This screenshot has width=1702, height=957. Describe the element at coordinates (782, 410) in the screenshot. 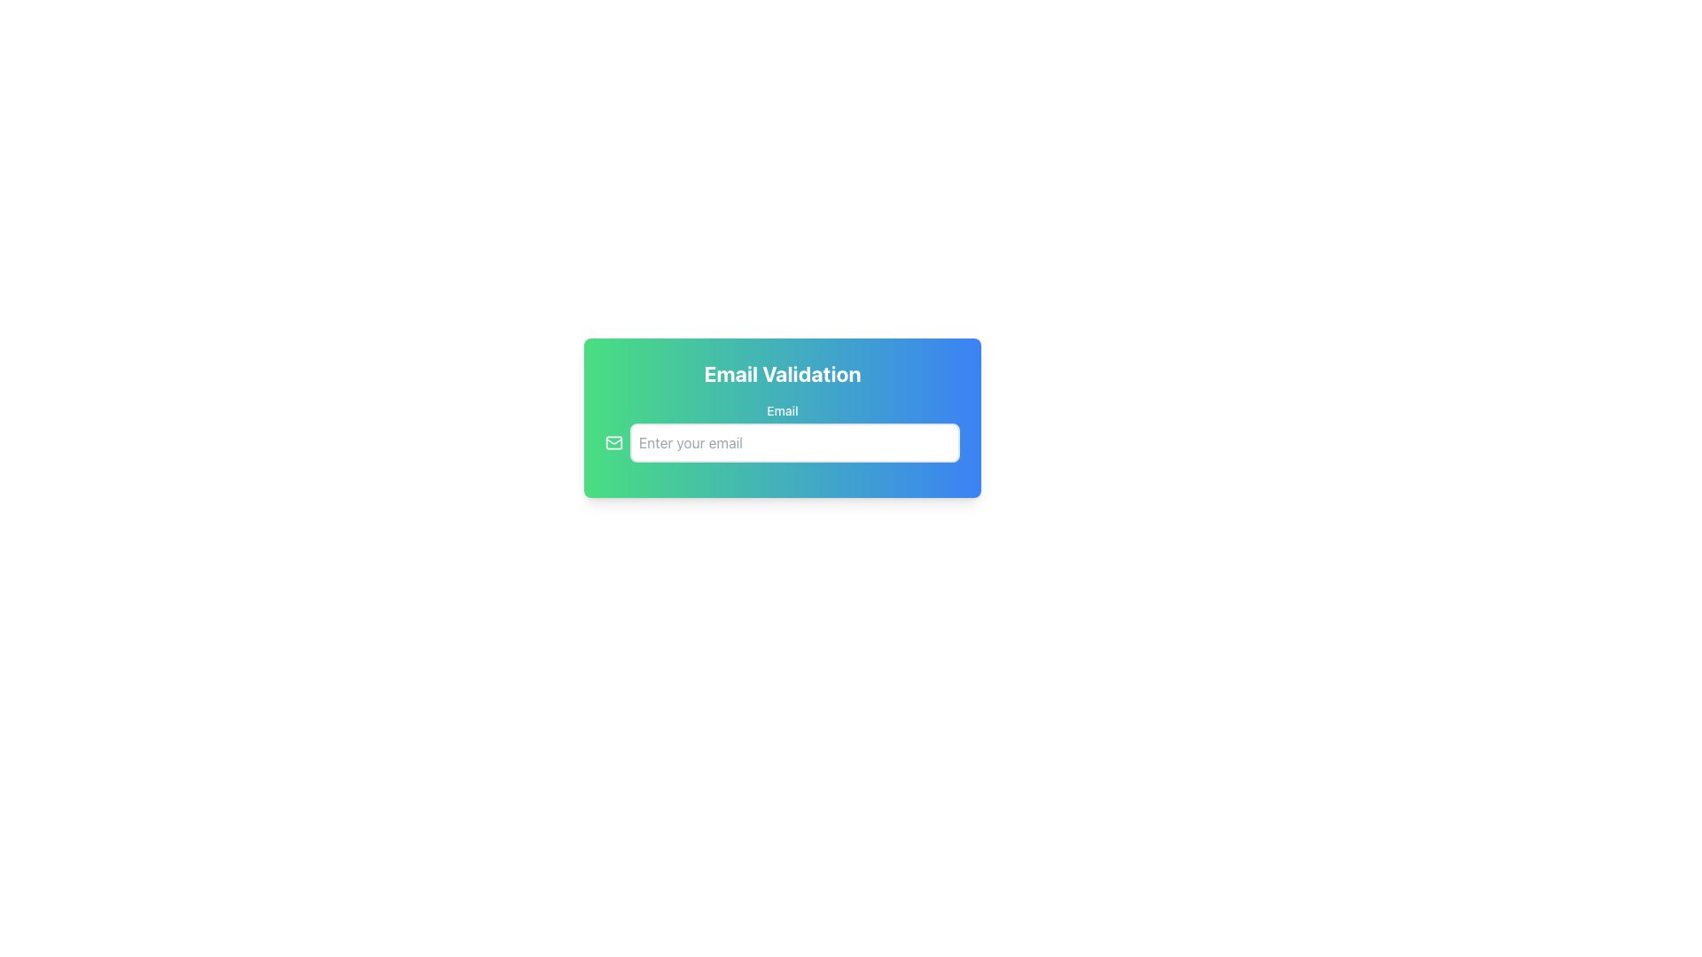

I see `the static text label that indicates the input field for the user's email address, positioned above the text input with the placeholder 'Enter your email'` at that location.